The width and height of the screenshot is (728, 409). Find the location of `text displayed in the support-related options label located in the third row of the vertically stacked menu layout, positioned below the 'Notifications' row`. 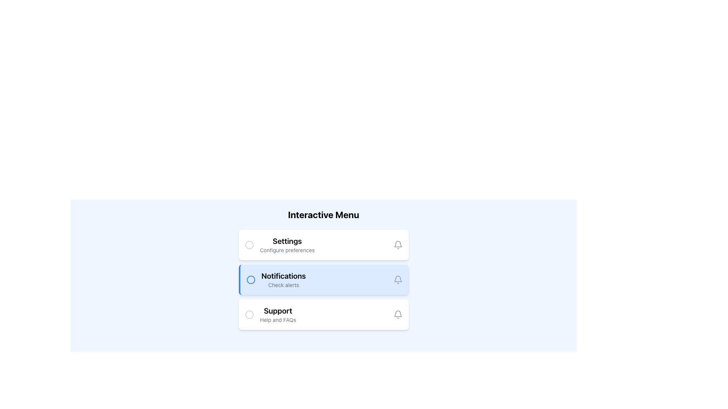

text displayed in the support-related options label located in the third row of the vertically stacked menu layout, positioned below the 'Notifications' row is located at coordinates (270, 314).